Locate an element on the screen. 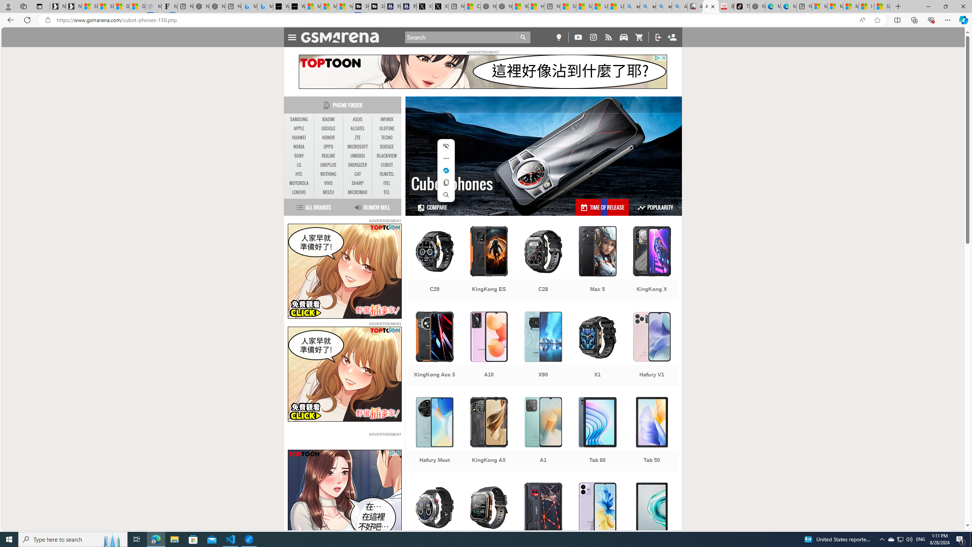  'X1' is located at coordinates (597, 349).